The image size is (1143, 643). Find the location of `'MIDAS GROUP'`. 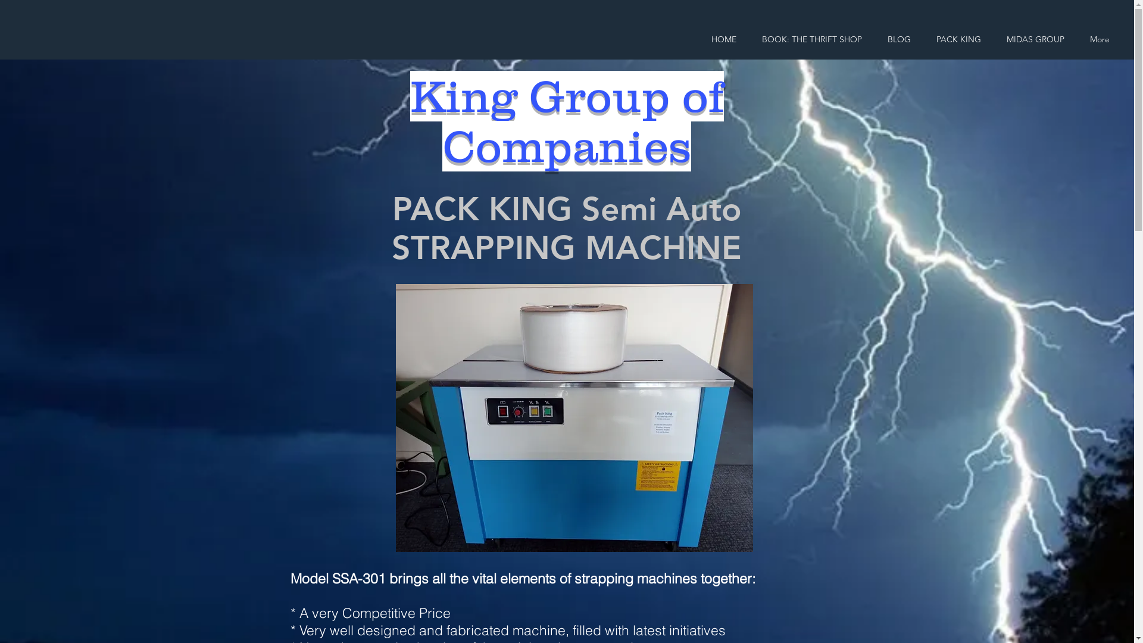

'MIDAS GROUP' is located at coordinates (1034, 39).